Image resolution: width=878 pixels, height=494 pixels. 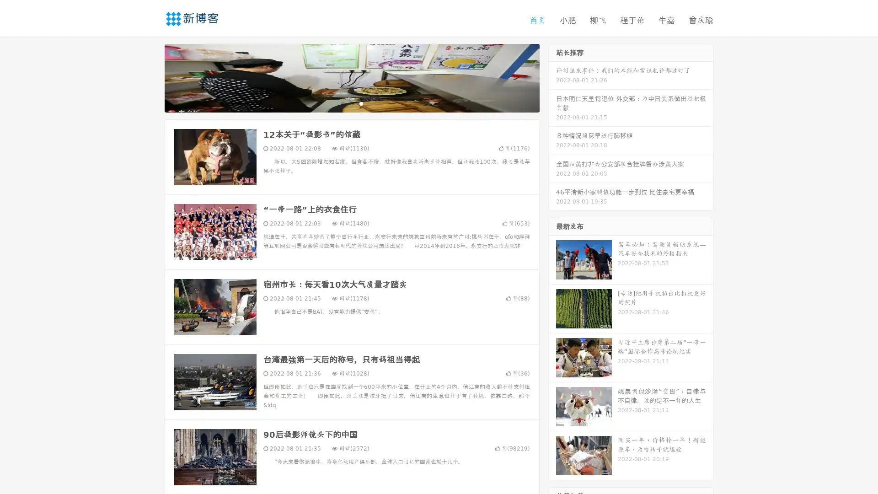 I want to click on Go to slide 2, so click(x=351, y=103).